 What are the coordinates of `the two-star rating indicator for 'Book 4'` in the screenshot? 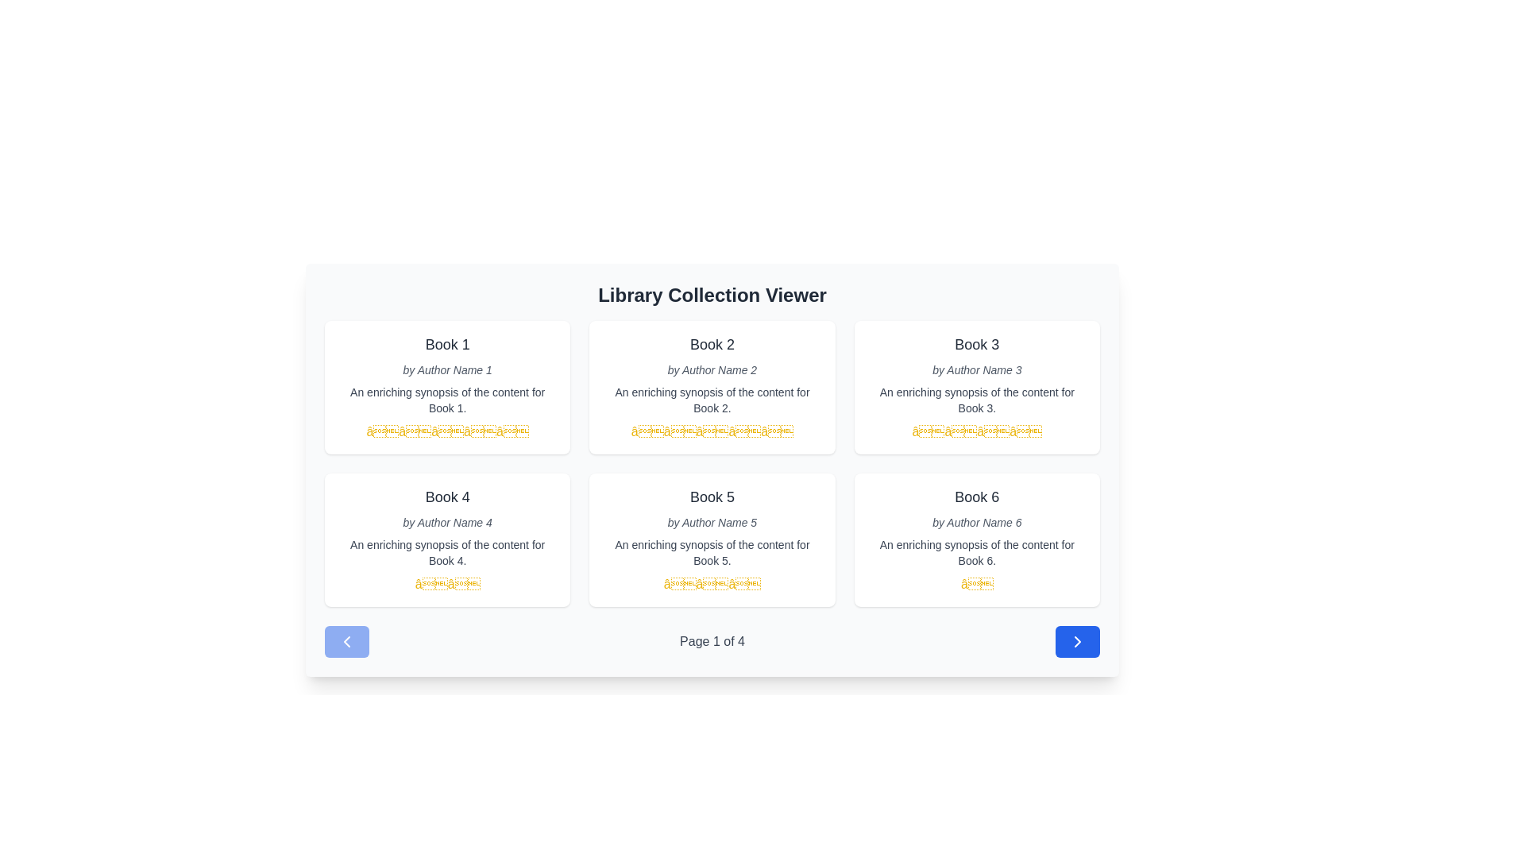 It's located at (446, 585).